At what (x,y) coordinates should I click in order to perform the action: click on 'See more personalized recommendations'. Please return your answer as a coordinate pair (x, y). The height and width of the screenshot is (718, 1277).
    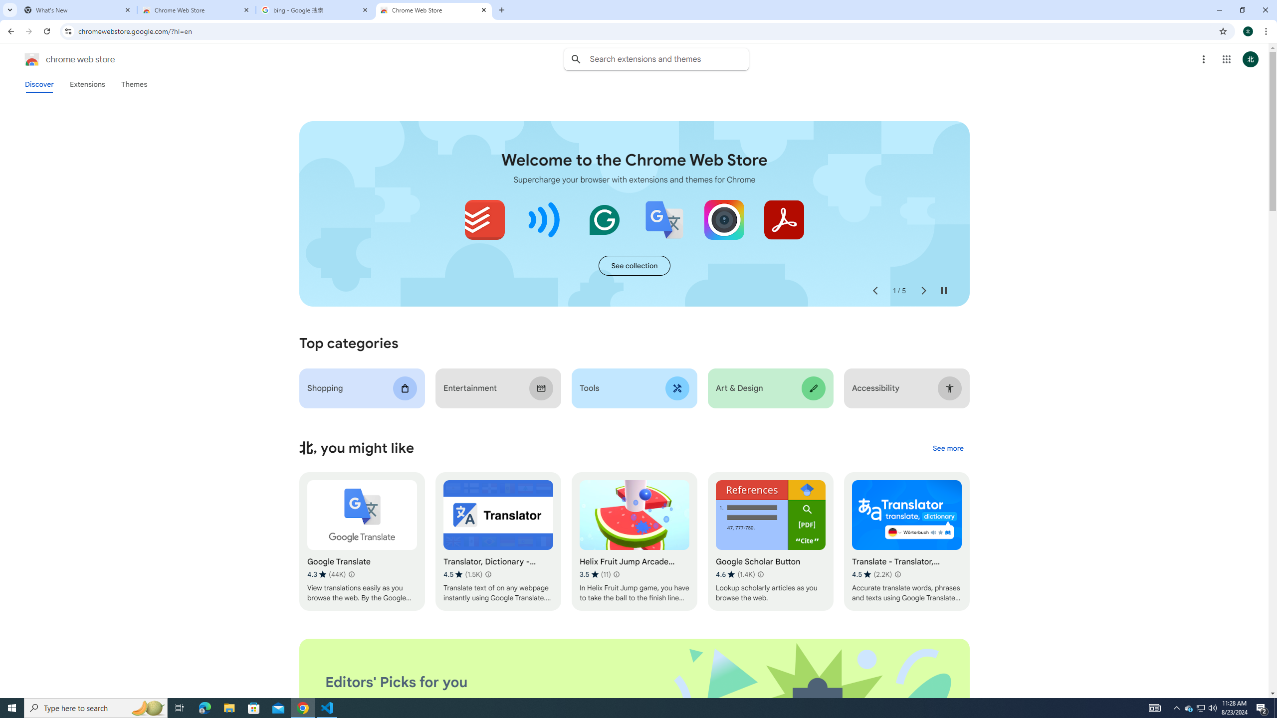
    Looking at the image, I should click on (947, 449).